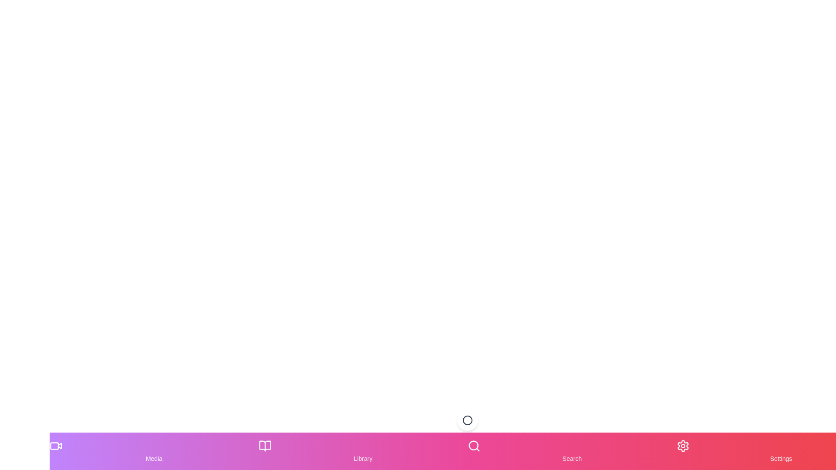 The height and width of the screenshot is (470, 836). Describe the element at coordinates (781, 451) in the screenshot. I see `the Settings item in the navigation bar` at that location.